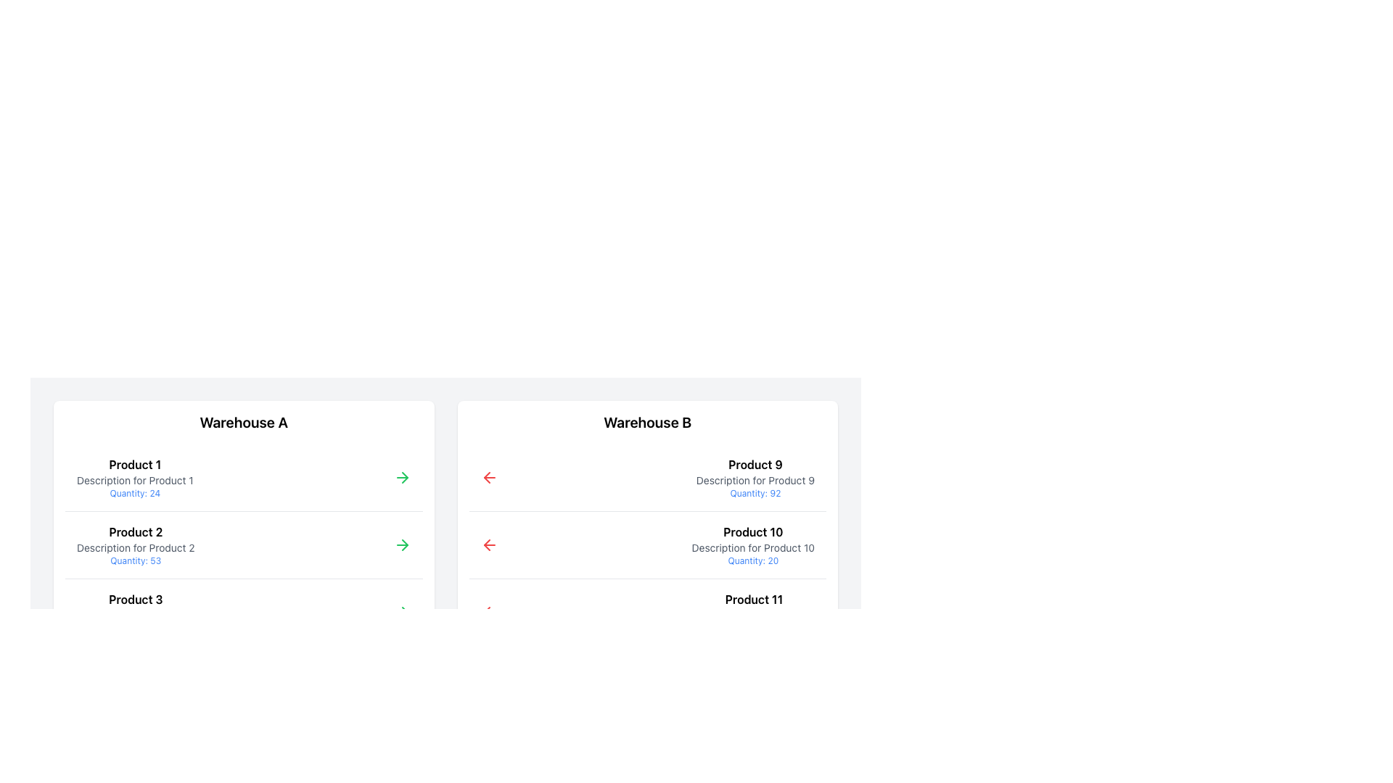 The height and width of the screenshot is (783, 1393). Describe the element at coordinates (402, 478) in the screenshot. I see `the navigational arrow icon next to the 'Quantity: 24' text in the 'Product 1' listing` at that location.